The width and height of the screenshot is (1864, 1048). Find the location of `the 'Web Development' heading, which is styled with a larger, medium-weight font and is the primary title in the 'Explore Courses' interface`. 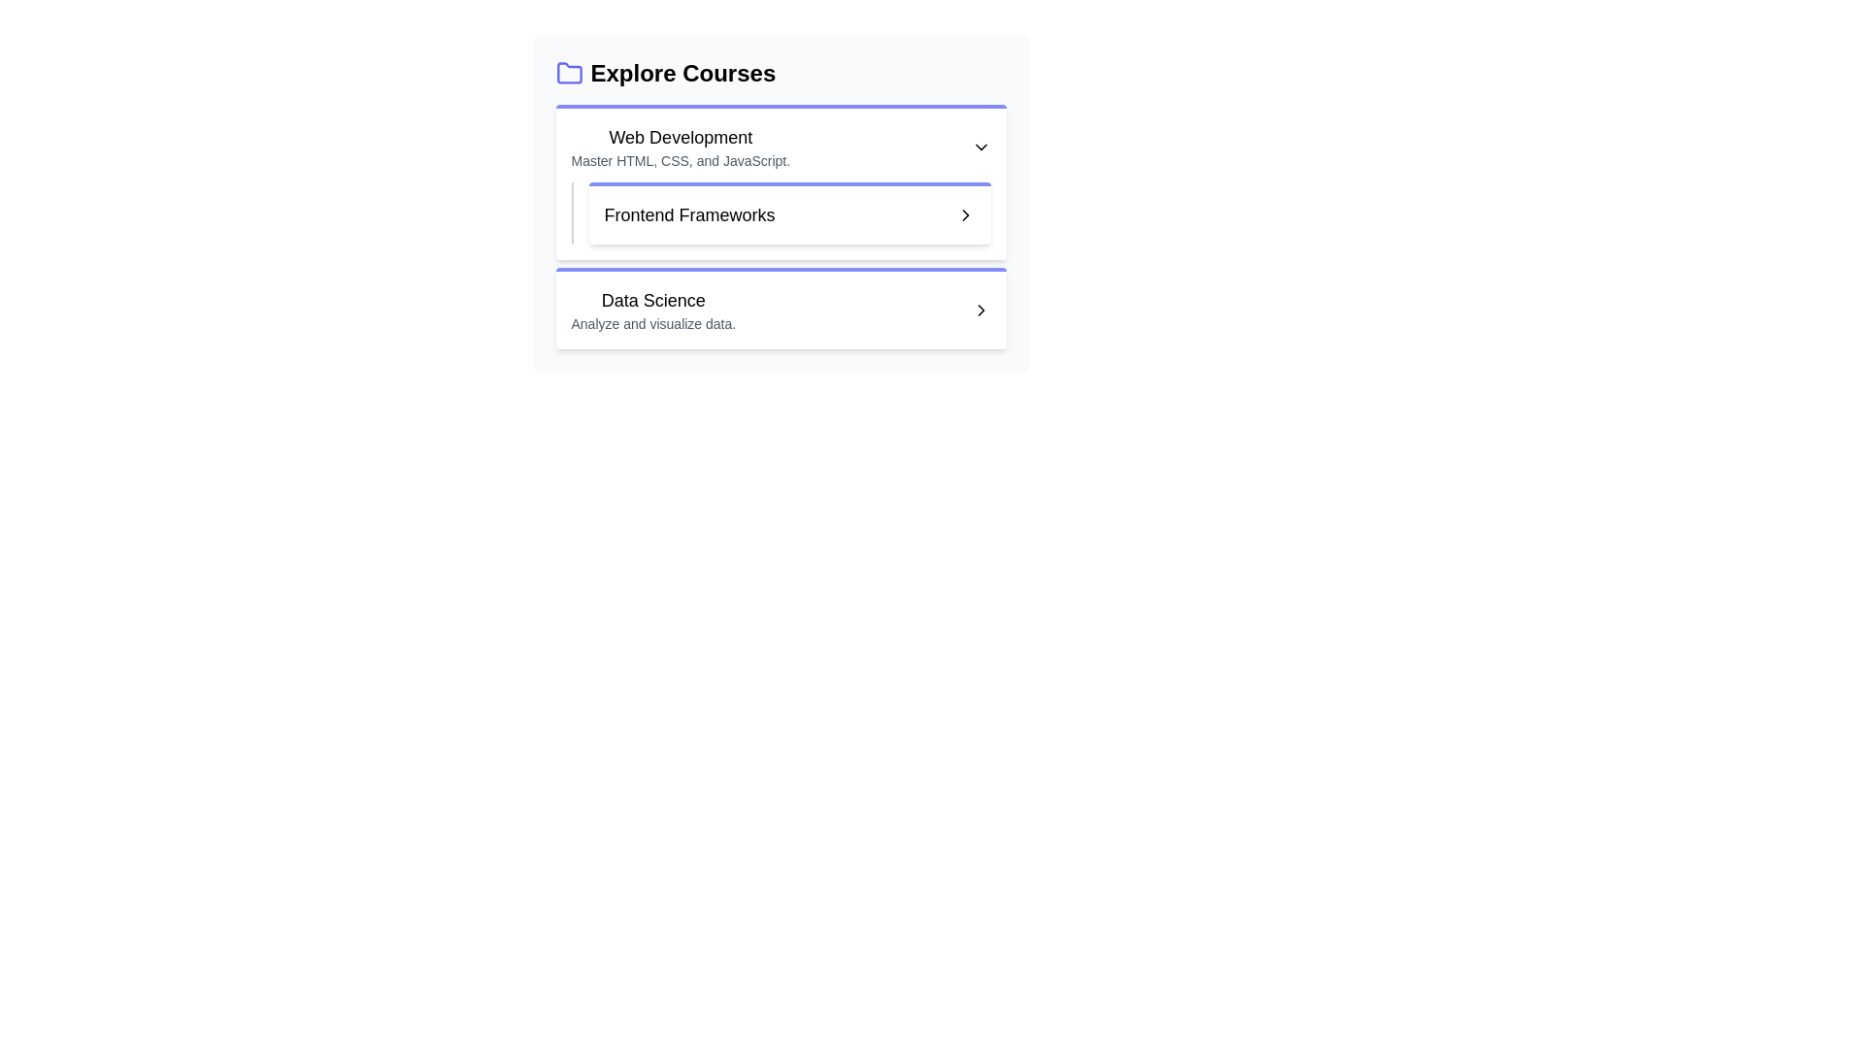

the 'Web Development' heading, which is styled with a larger, medium-weight font and is the primary title in the 'Explore Courses' interface is located at coordinates (681, 137).